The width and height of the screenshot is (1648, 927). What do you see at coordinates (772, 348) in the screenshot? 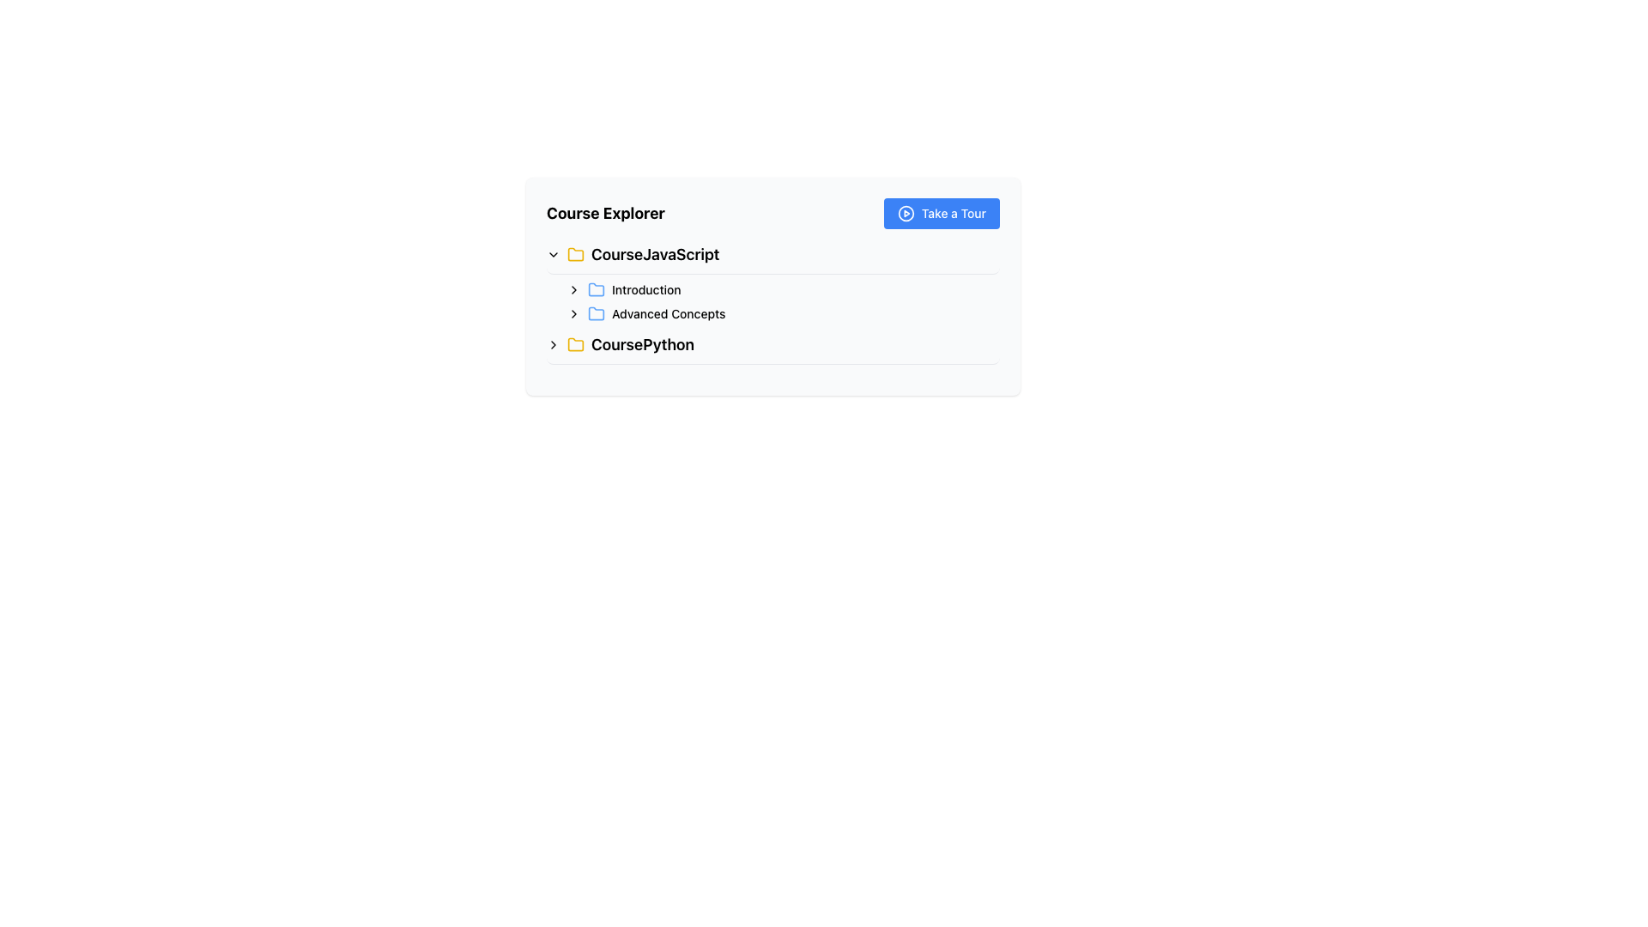
I see `the list item labeled 'CoursePython' in the course explorer interface` at bounding box center [772, 348].